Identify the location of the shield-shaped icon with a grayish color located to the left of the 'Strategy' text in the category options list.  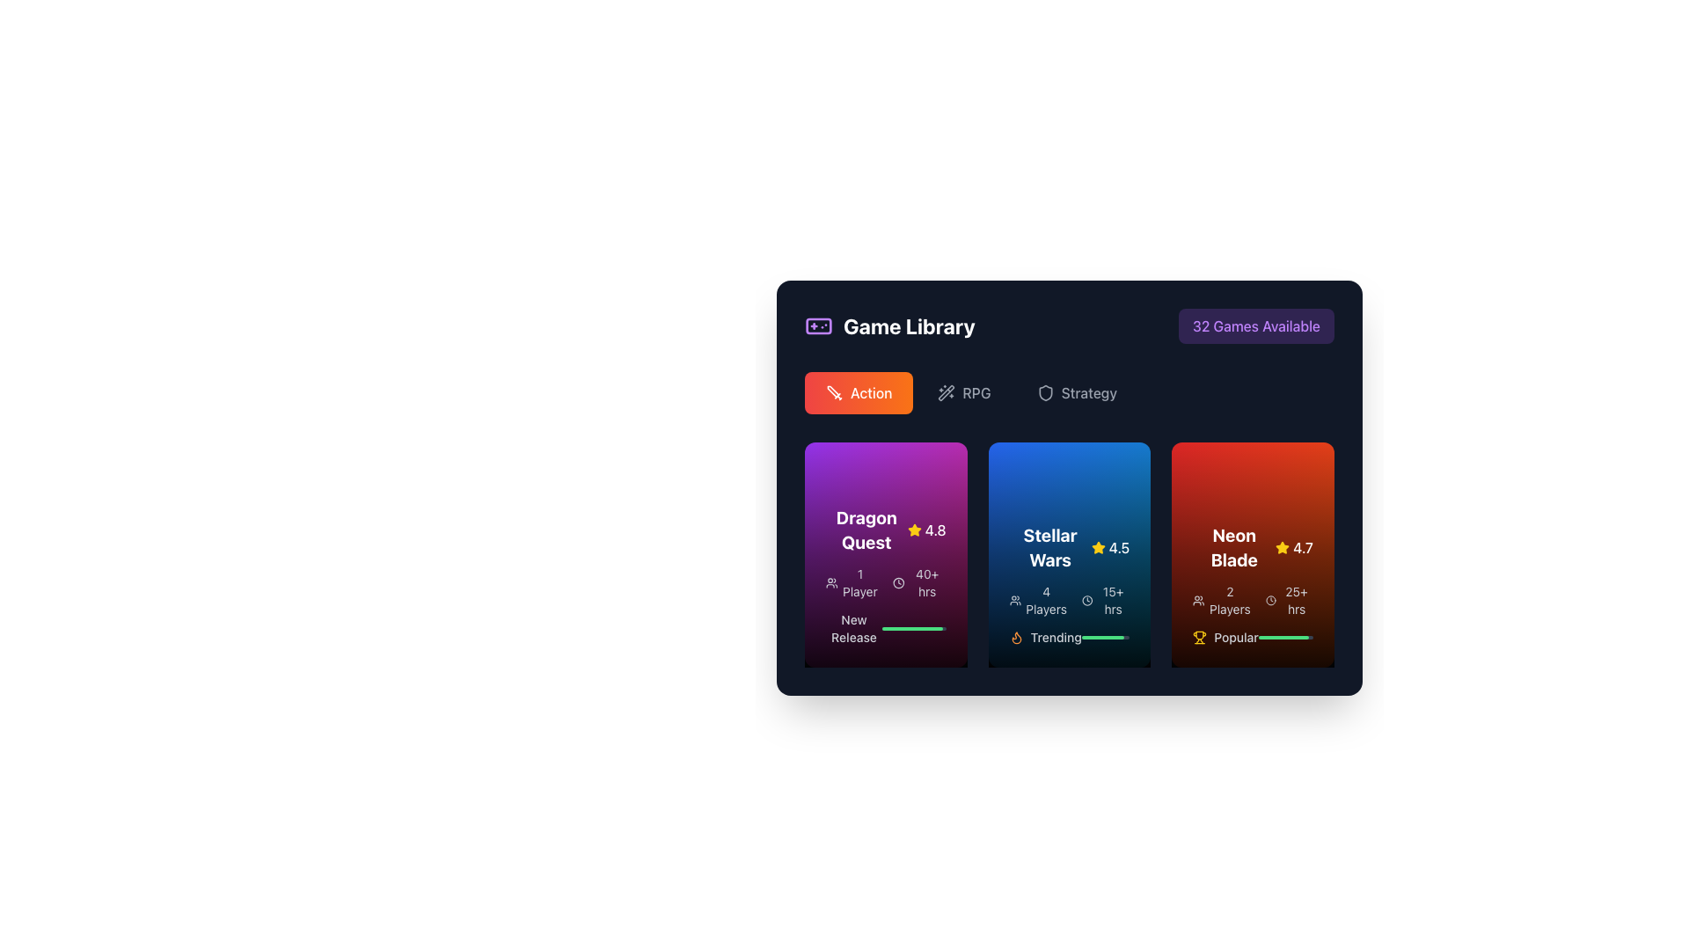
(1045, 392).